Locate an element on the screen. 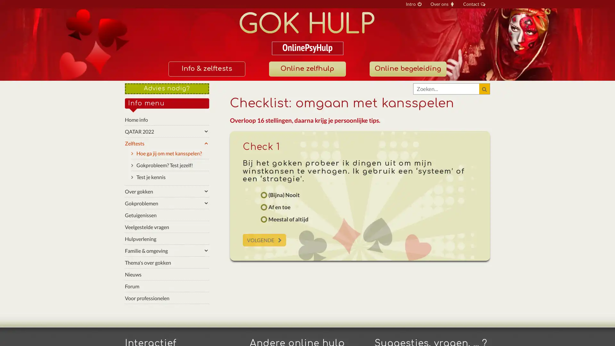  Info & zelftests is located at coordinates (206, 69).